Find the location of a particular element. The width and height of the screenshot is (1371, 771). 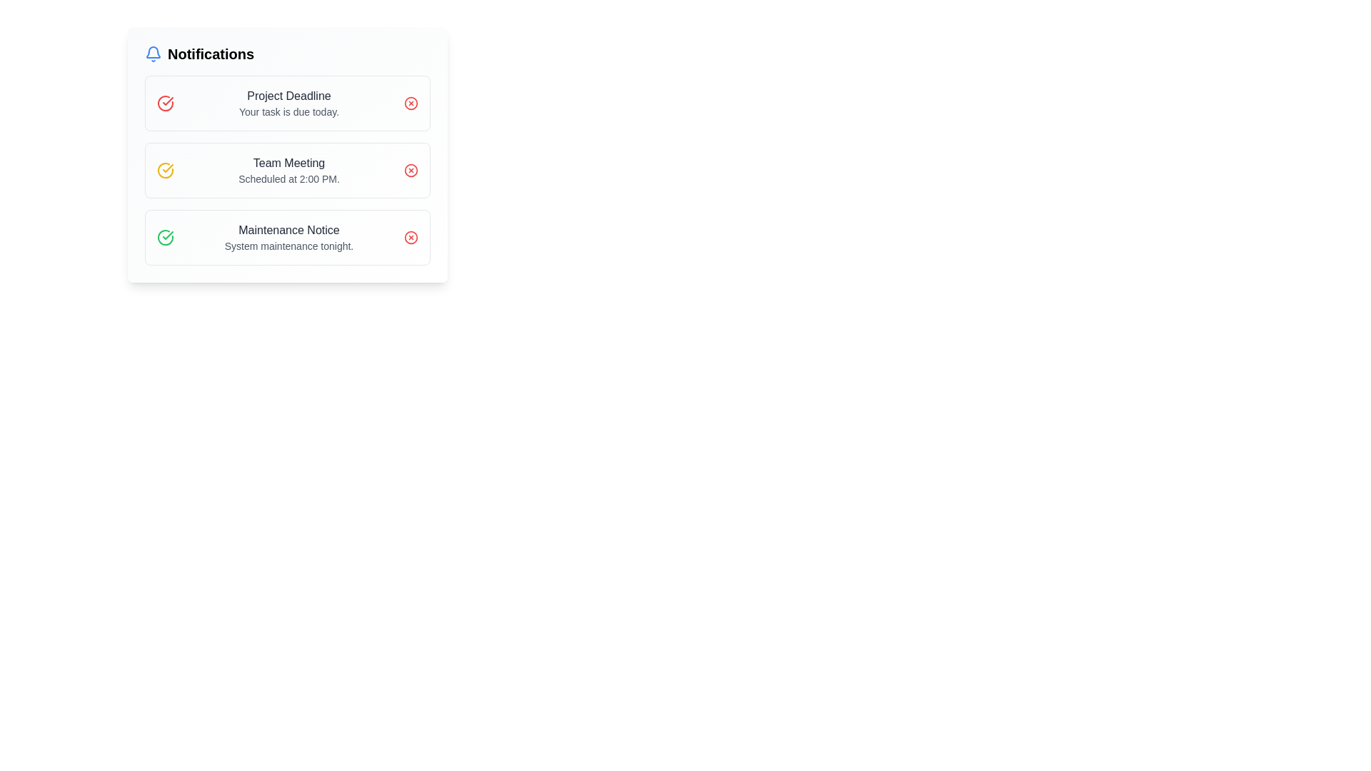

the symbolic meaning of the green circular confirmation icon indicating completion related to the 'Maintenance Notice' in the 'Notifications' section is located at coordinates (165, 236).